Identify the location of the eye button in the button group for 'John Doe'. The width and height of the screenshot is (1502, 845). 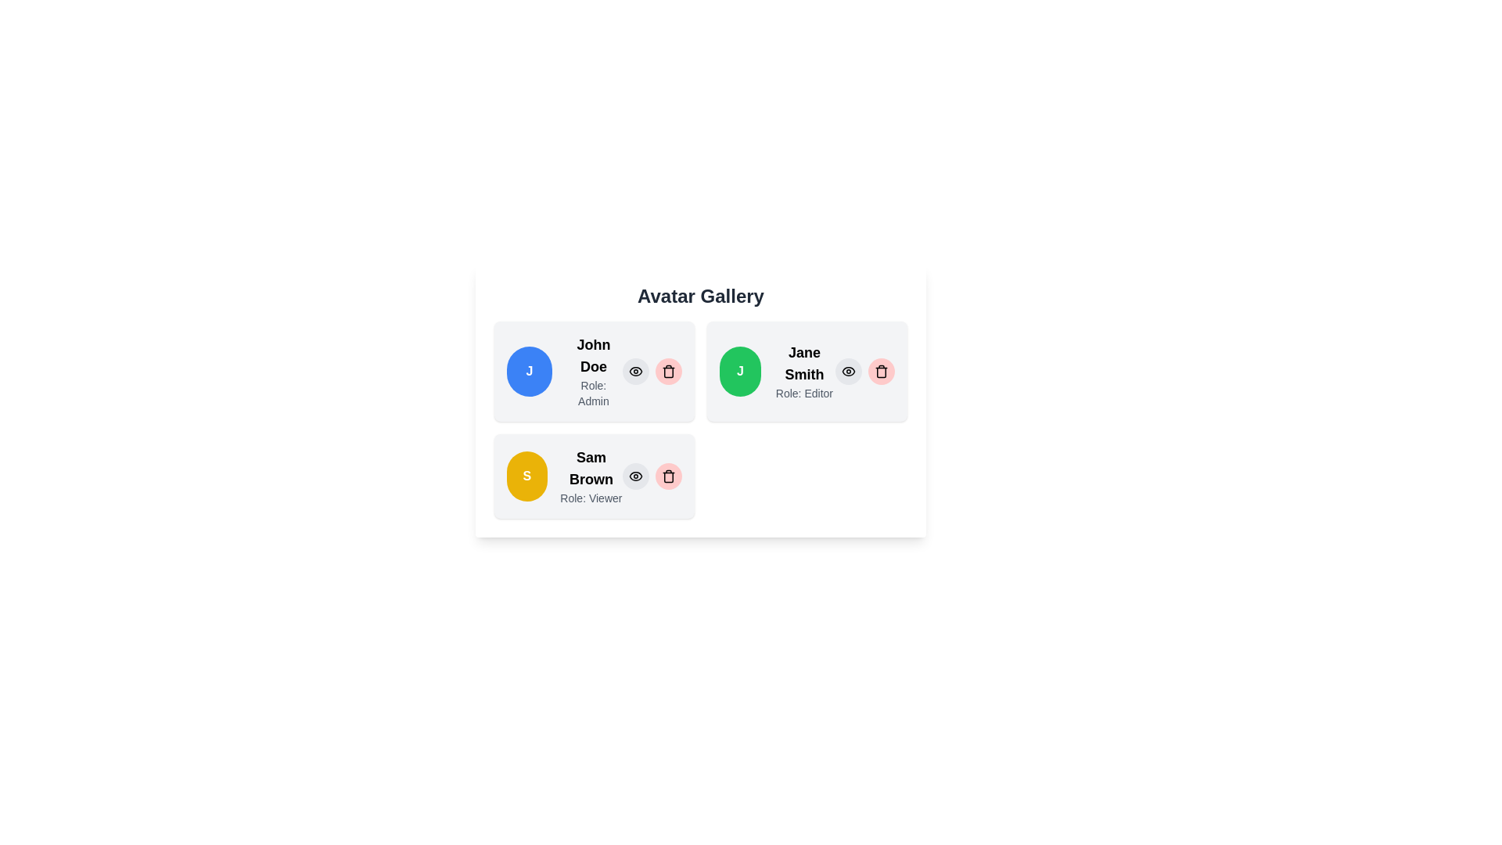
(652, 371).